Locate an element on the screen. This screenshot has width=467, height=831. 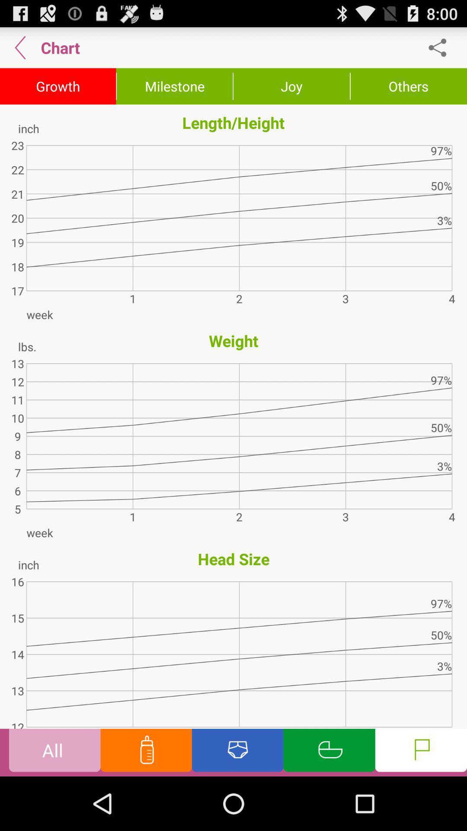
open feeding chart is located at coordinates (146, 752).